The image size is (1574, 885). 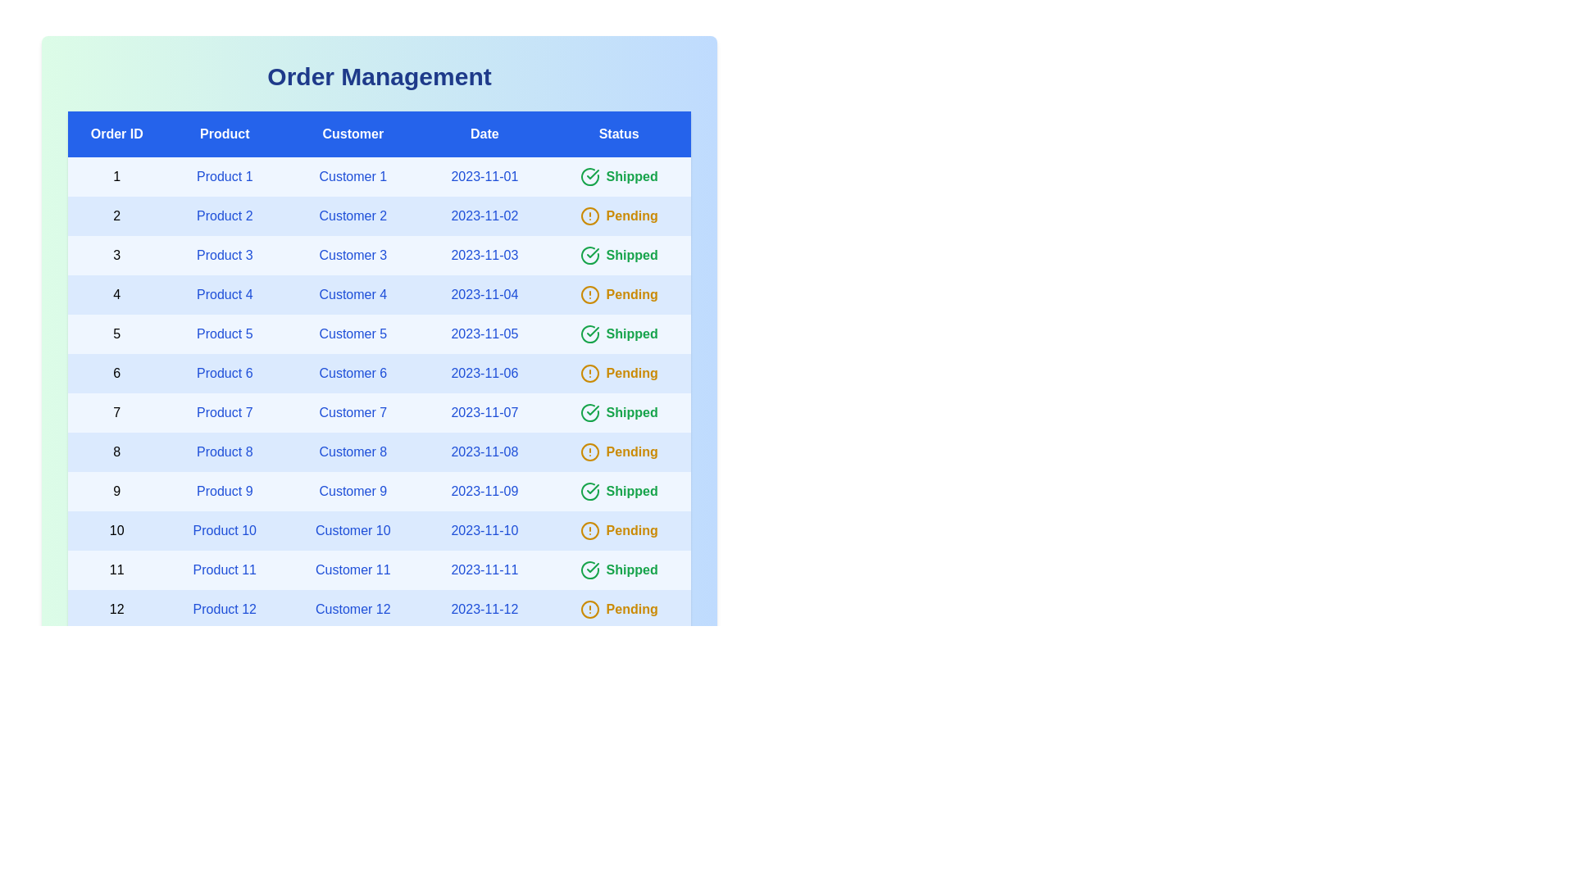 I want to click on the column header to sort the table by Order ID, so click(x=116, y=134).